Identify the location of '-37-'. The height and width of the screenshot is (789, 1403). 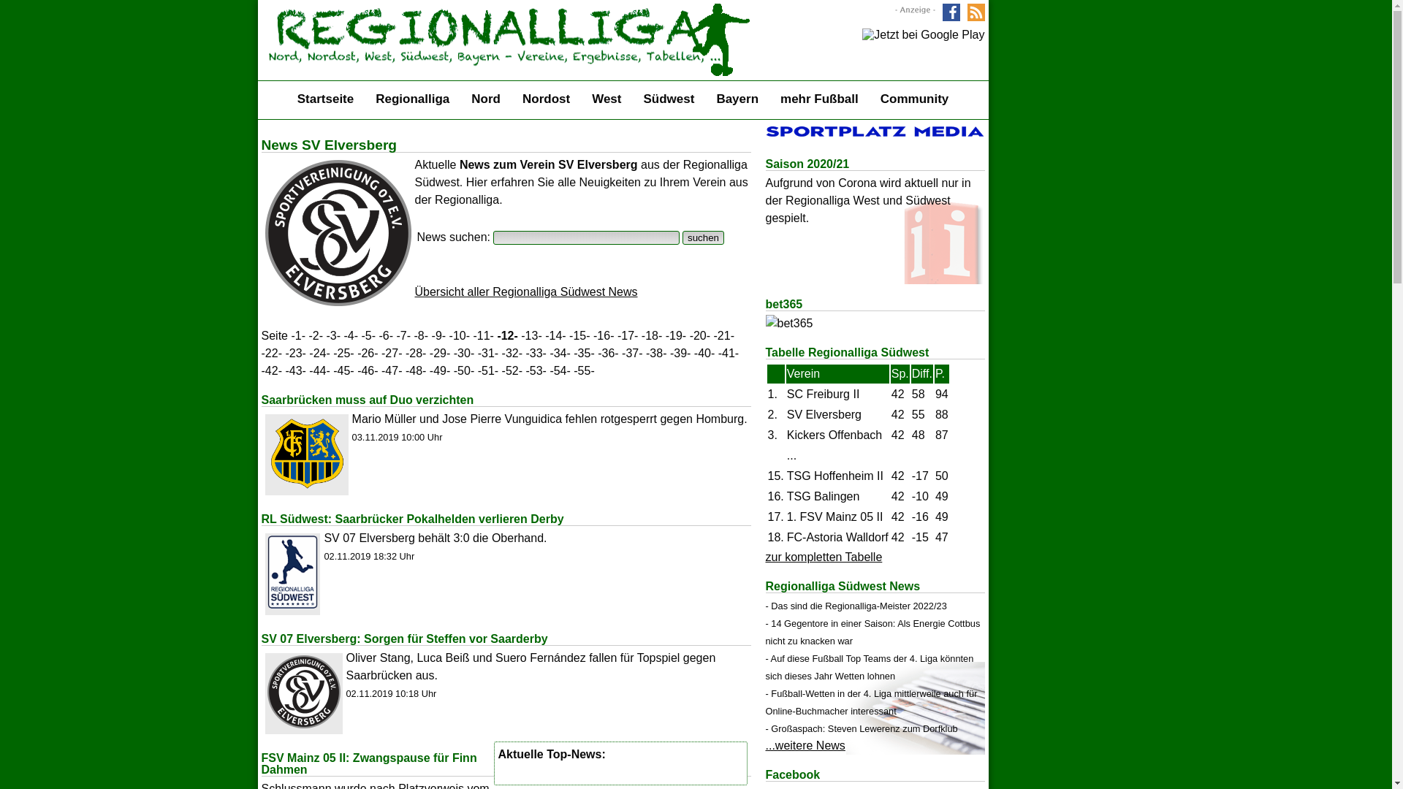
(631, 353).